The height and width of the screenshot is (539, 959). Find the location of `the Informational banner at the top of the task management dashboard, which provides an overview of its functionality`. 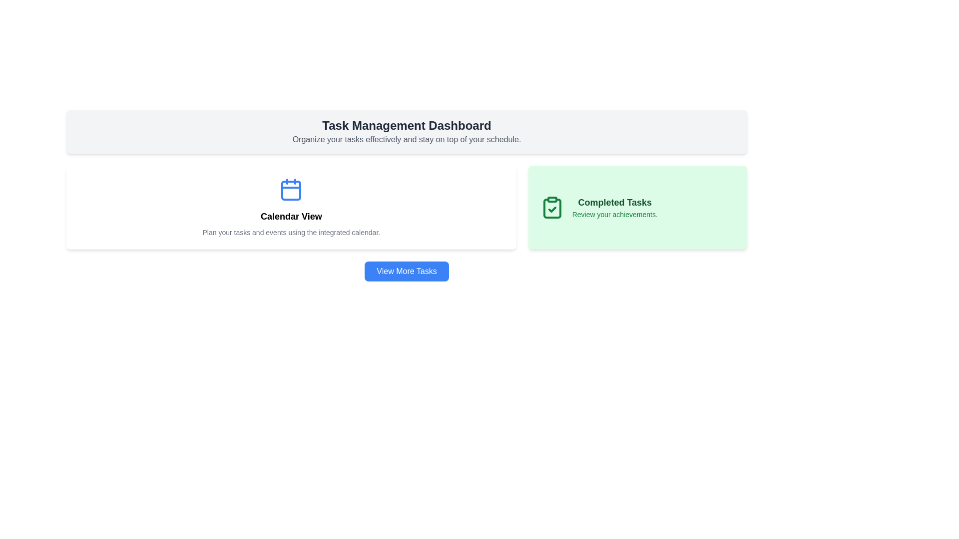

the Informational banner at the top of the task management dashboard, which provides an overview of its functionality is located at coordinates (407, 131).